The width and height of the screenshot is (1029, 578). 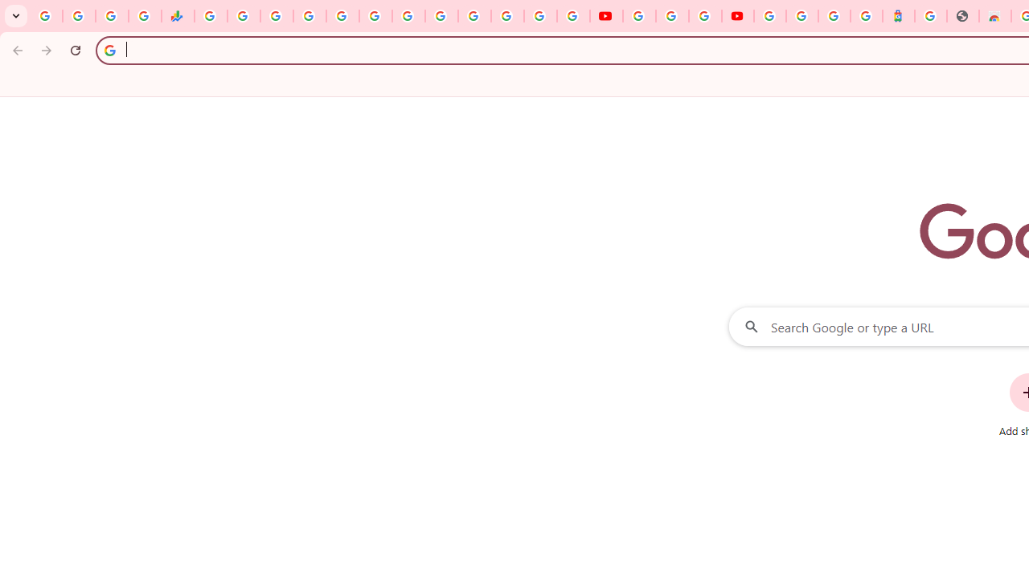 What do you see at coordinates (46, 16) in the screenshot?
I see `'Google Workspace Admin Community'` at bounding box center [46, 16].